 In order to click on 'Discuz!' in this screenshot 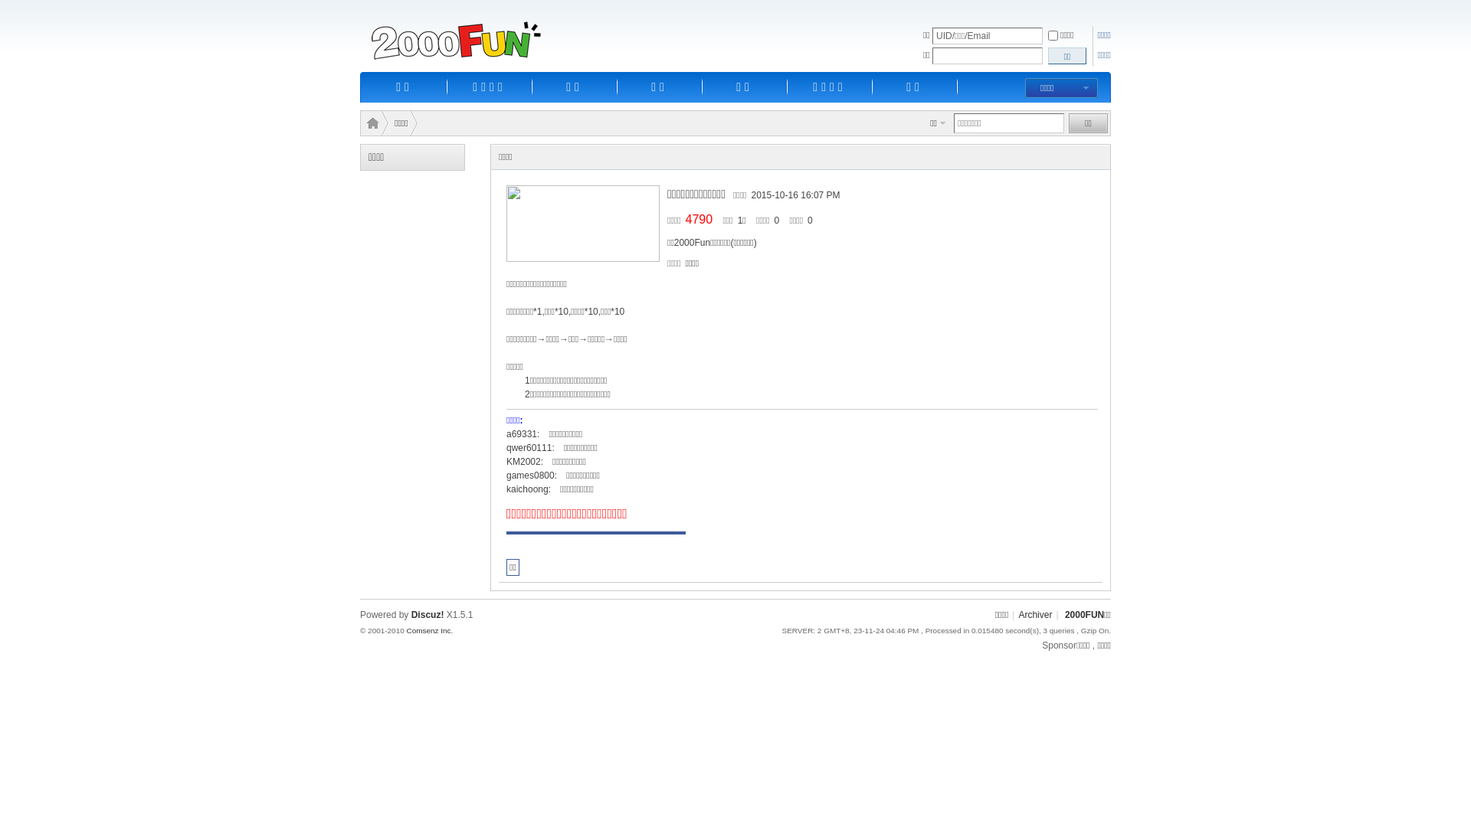, I will do `click(428, 613)`.